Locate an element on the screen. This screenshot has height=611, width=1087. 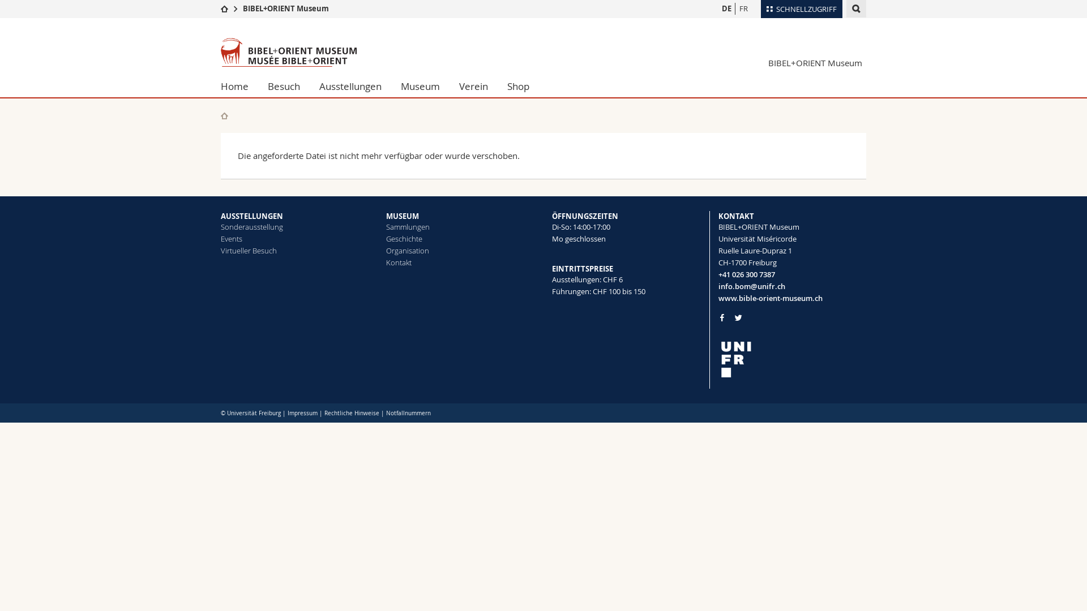
'BIBEL+ORIENT Museum' is located at coordinates (285, 8).